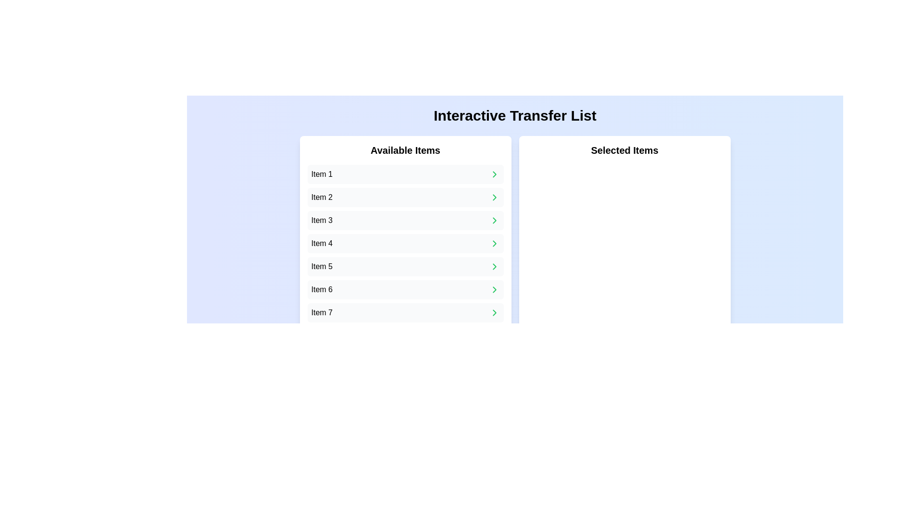 The height and width of the screenshot is (519, 923). I want to click on the seventh arrow icon located to the right of 'Item 7' in the 'Available Items' section, so click(494, 313).